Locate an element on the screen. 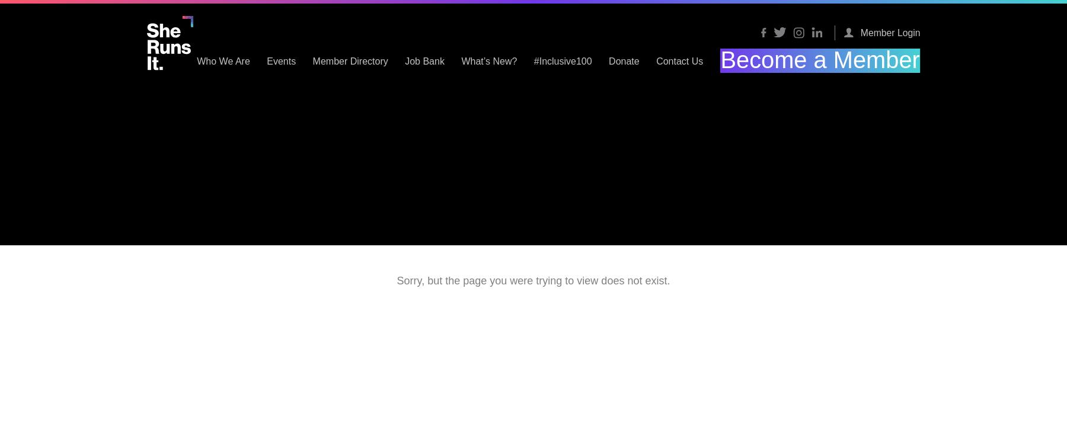  'Who We Are' is located at coordinates (315, 60).